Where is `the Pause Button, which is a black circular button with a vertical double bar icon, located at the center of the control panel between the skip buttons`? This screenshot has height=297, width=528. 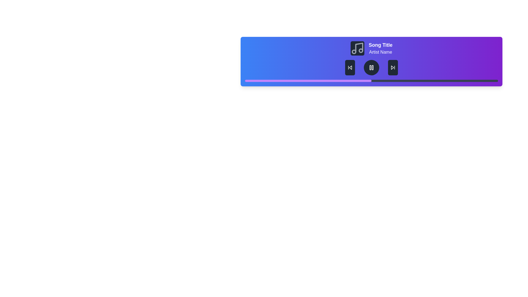
the Pause Button, which is a black circular button with a vertical double bar icon, located at the center of the control panel between the skip buttons is located at coordinates (371, 67).